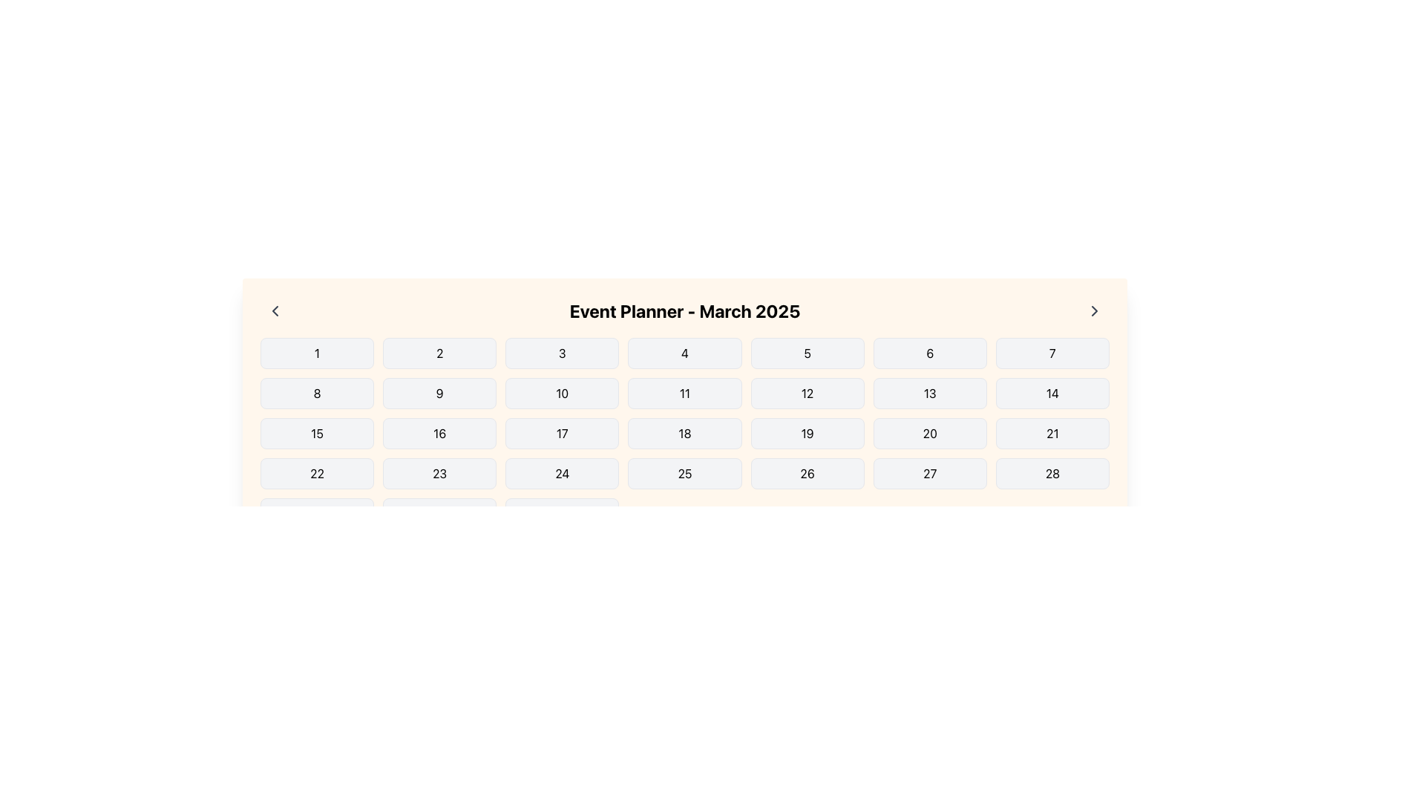 The height and width of the screenshot is (802, 1425). Describe the element at coordinates (561, 392) in the screenshot. I see `the button-like interactive calendar date cell located in the second row and third column of the 'Event Planner - March 2025' grid` at that location.